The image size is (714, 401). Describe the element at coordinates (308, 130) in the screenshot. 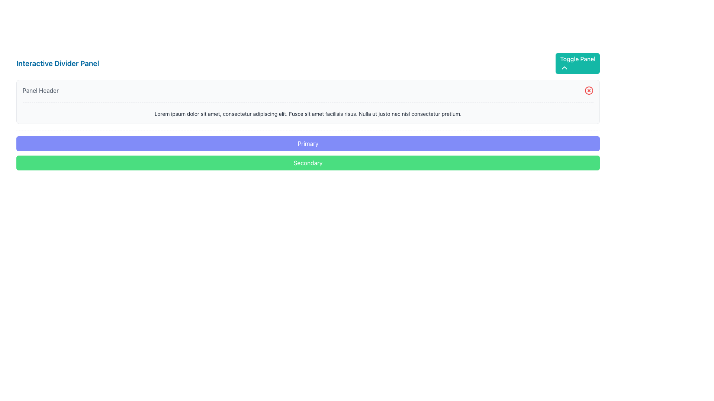

I see `the visual divider element located centrally beneath the text 'Lorem ipsum dolor sit amet, consectetur adipiscing elit. Fusce sit amet facilisis risus. Nulla ut justo nec nisl consectetur pretium.' and above the elements labeled 'Primary' and 'Secondary'` at that location.